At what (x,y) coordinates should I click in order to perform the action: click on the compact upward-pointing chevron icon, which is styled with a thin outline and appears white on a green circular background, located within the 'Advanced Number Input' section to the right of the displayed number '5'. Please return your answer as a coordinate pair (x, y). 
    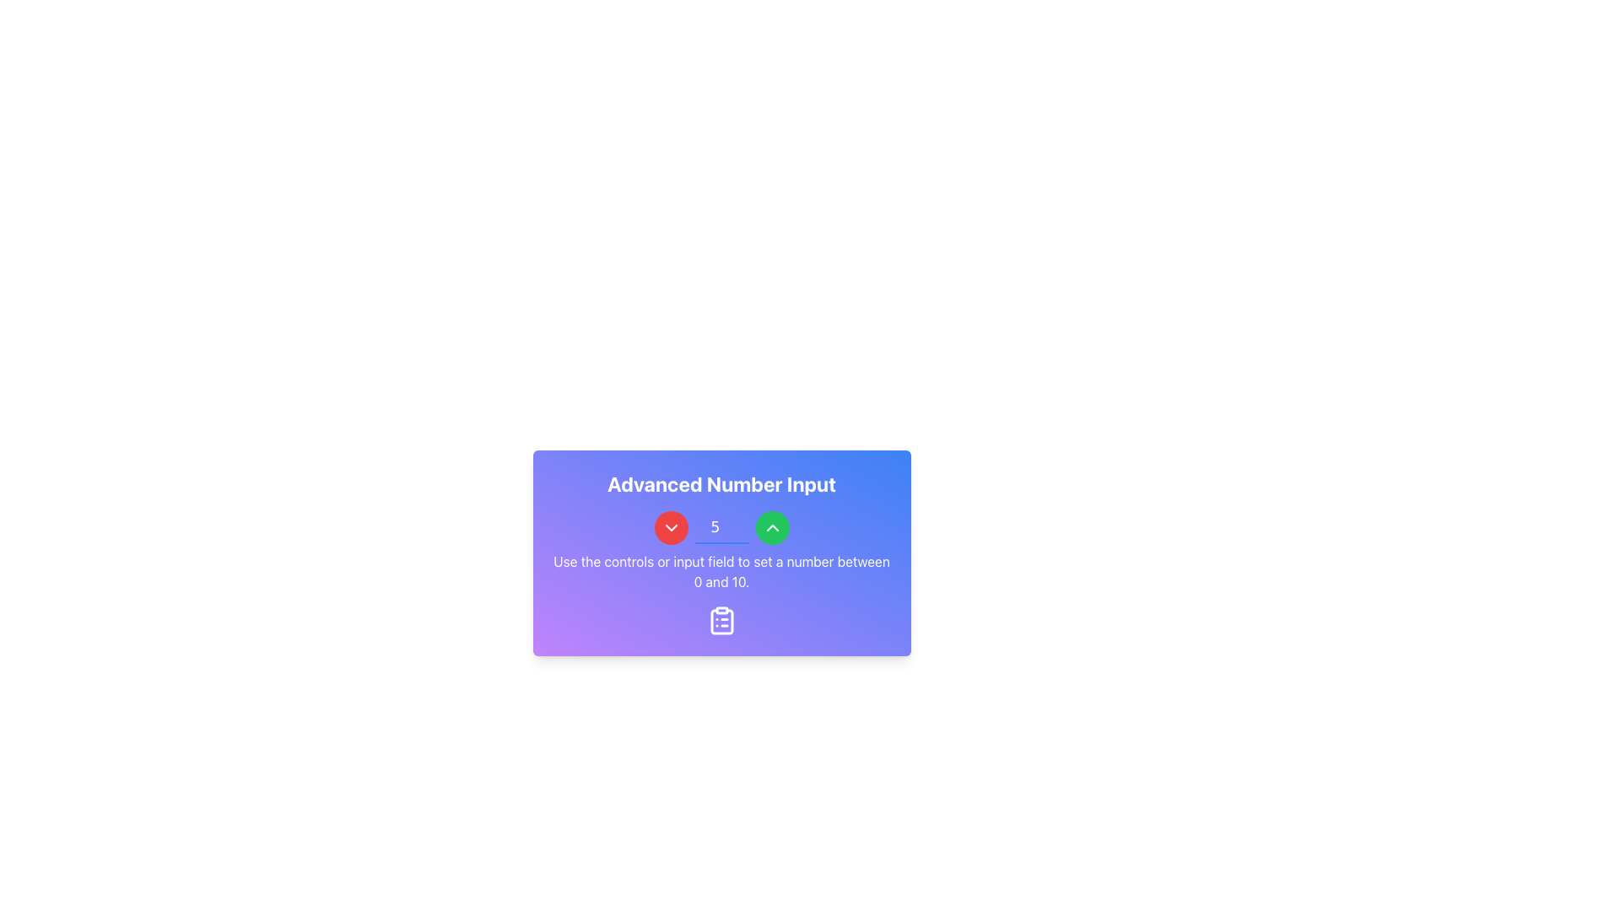
    Looking at the image, I should click on (771, 526).